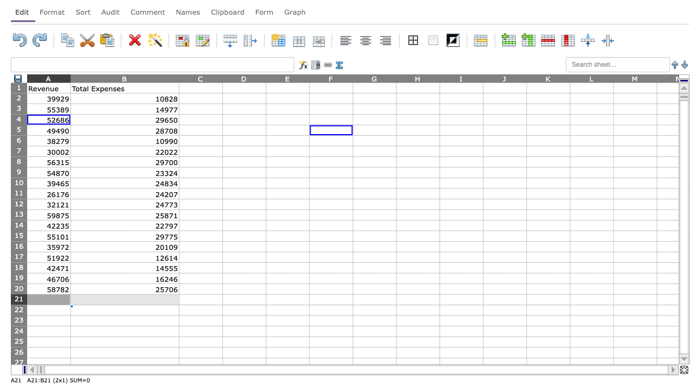 The image size is (695, 391). Describe the element at coordinates (18, 310) in the screenshot. I see `row header 22` at that location.